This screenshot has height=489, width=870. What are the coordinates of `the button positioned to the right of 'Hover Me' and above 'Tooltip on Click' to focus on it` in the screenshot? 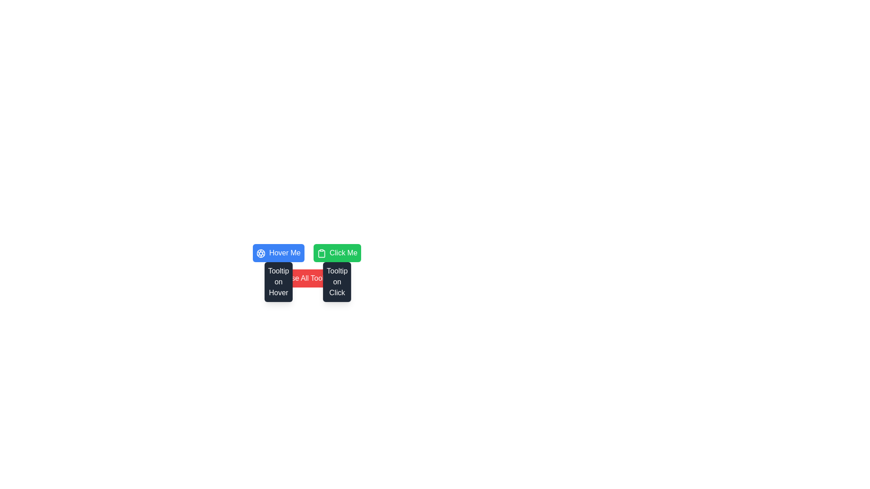 It's located at (337, 253).